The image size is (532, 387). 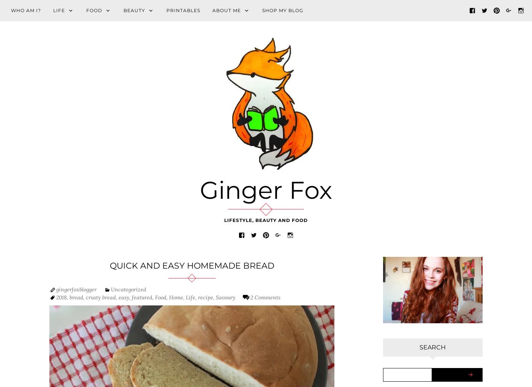 What do you see at coordinates (226, 10) in the screenshot?
I see `'About Me'` at bounding box center [226, 10].